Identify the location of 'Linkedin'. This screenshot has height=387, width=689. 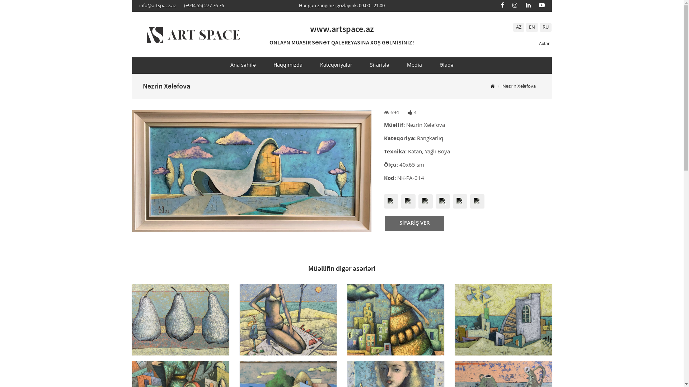
(525, 5).